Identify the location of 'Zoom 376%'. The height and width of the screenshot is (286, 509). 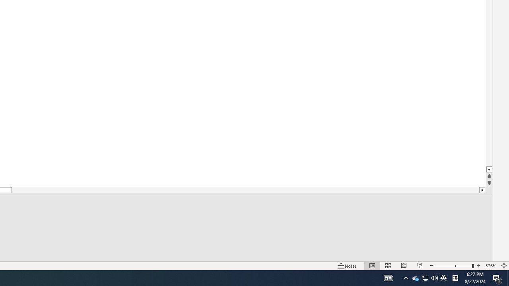
(490, 266).